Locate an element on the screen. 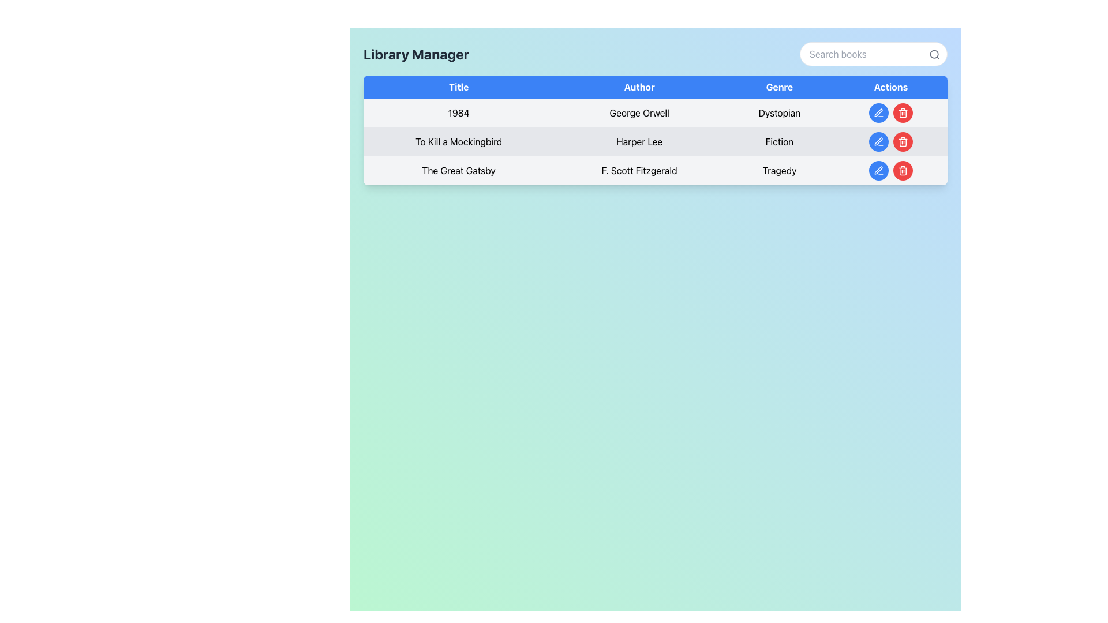 The height and width of the screenshot is (623, 1108). the 'edit' icon in the circular button located in the 'Actions' column of the row for 'The Great Gatsby' is located at coordinates (878, 171).